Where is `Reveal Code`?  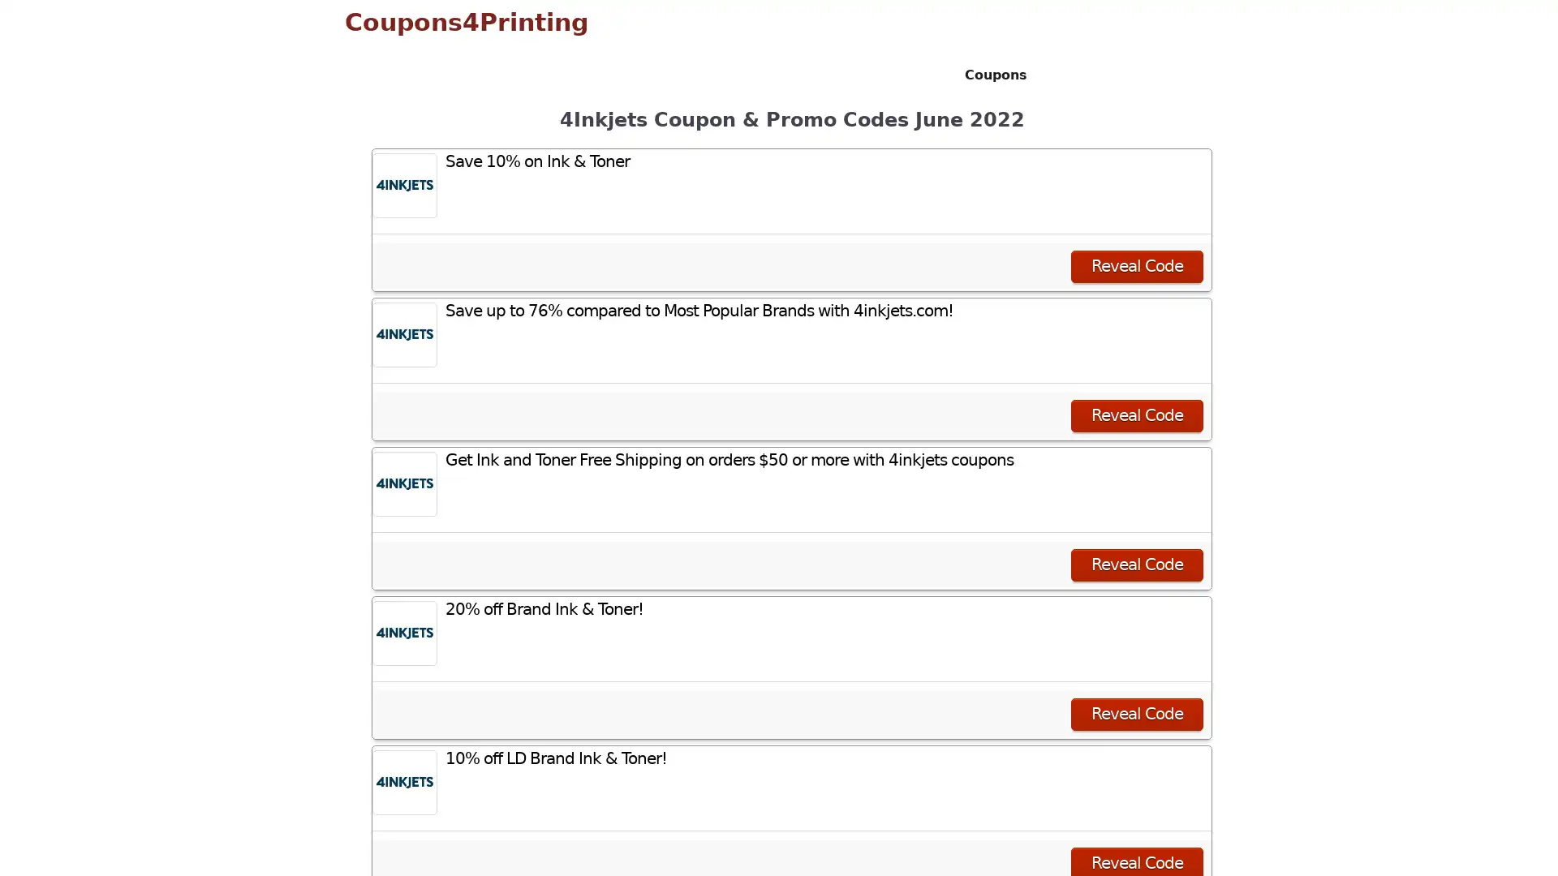
Reveal Code is located at coordinates (1136, 563).